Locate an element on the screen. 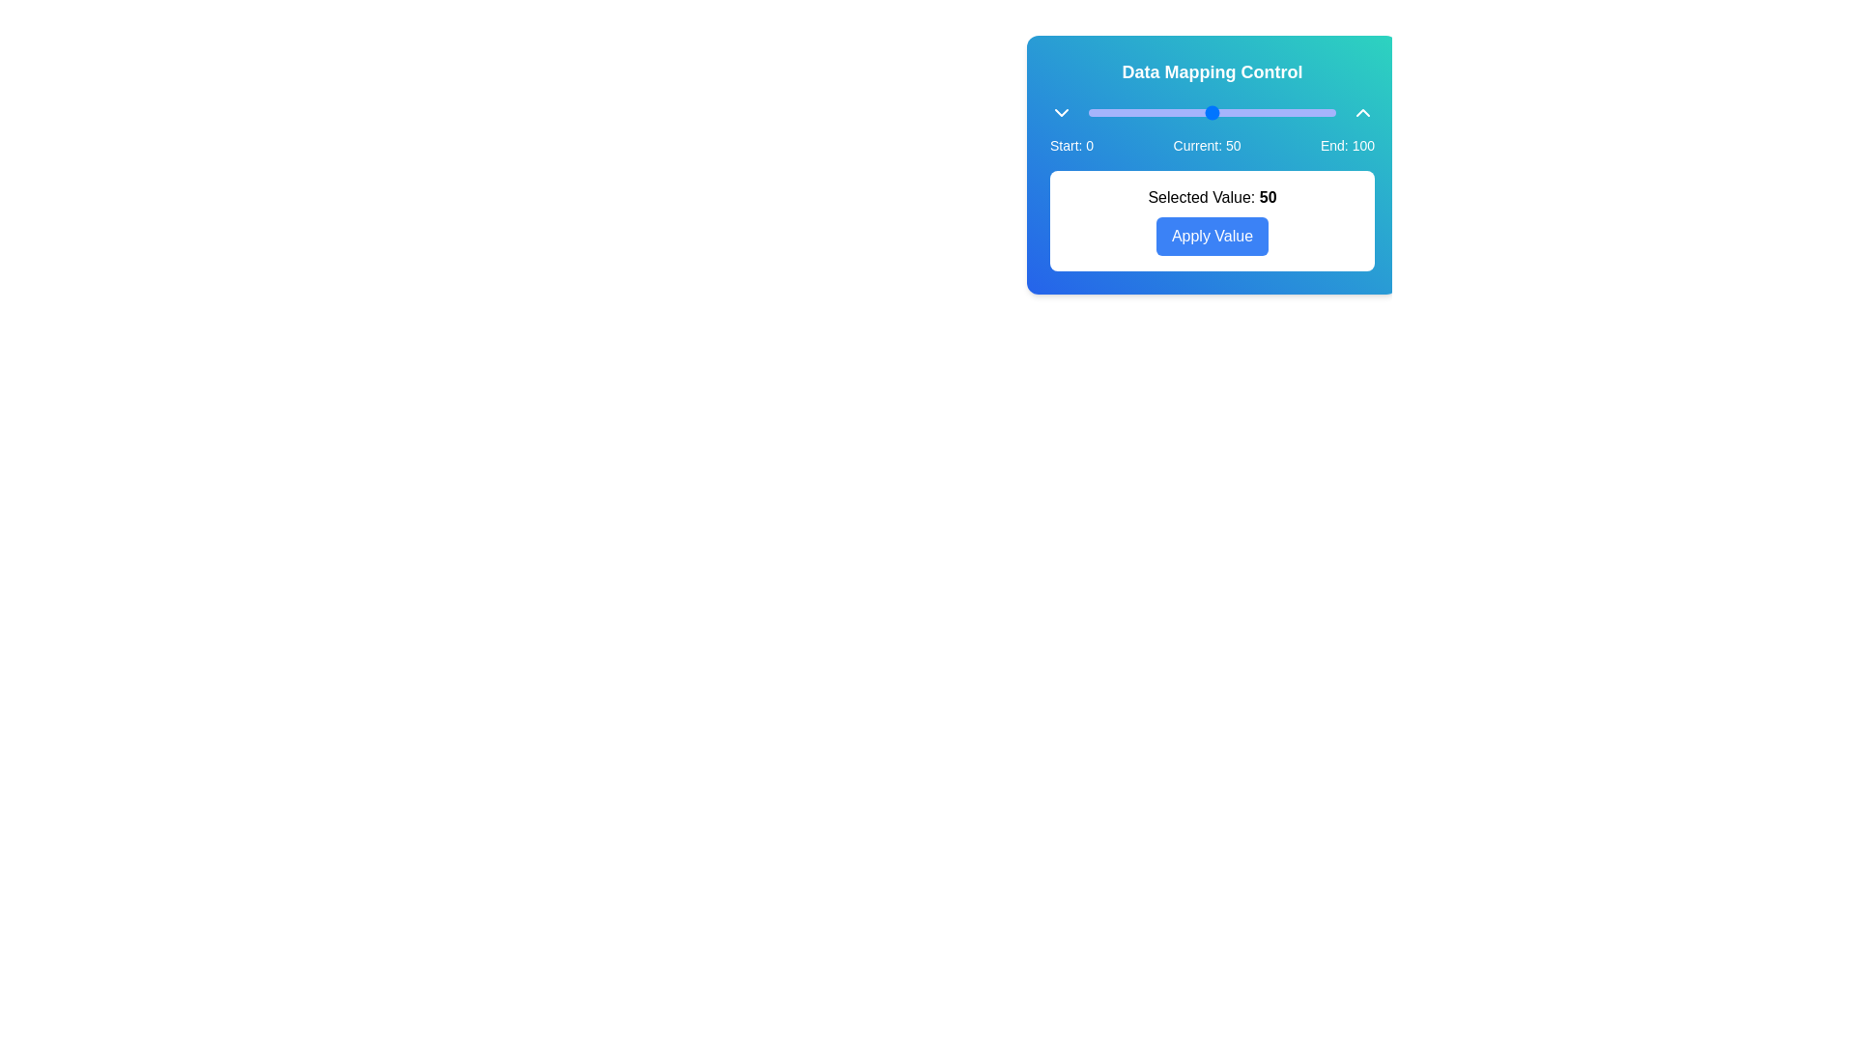  the slider is located at coordinates (1221, 112).